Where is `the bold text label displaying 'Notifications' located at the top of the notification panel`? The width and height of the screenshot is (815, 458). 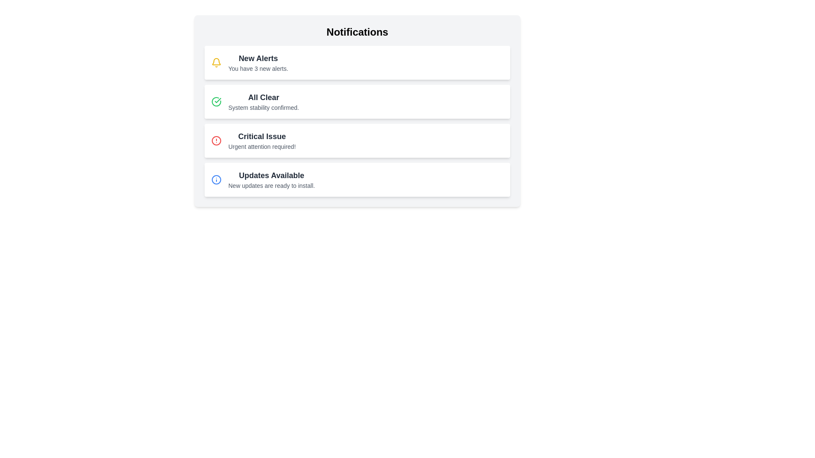 the bold text label displaying 'Notifications' located at the top of the notification panel is located at coordinates (357, 32).